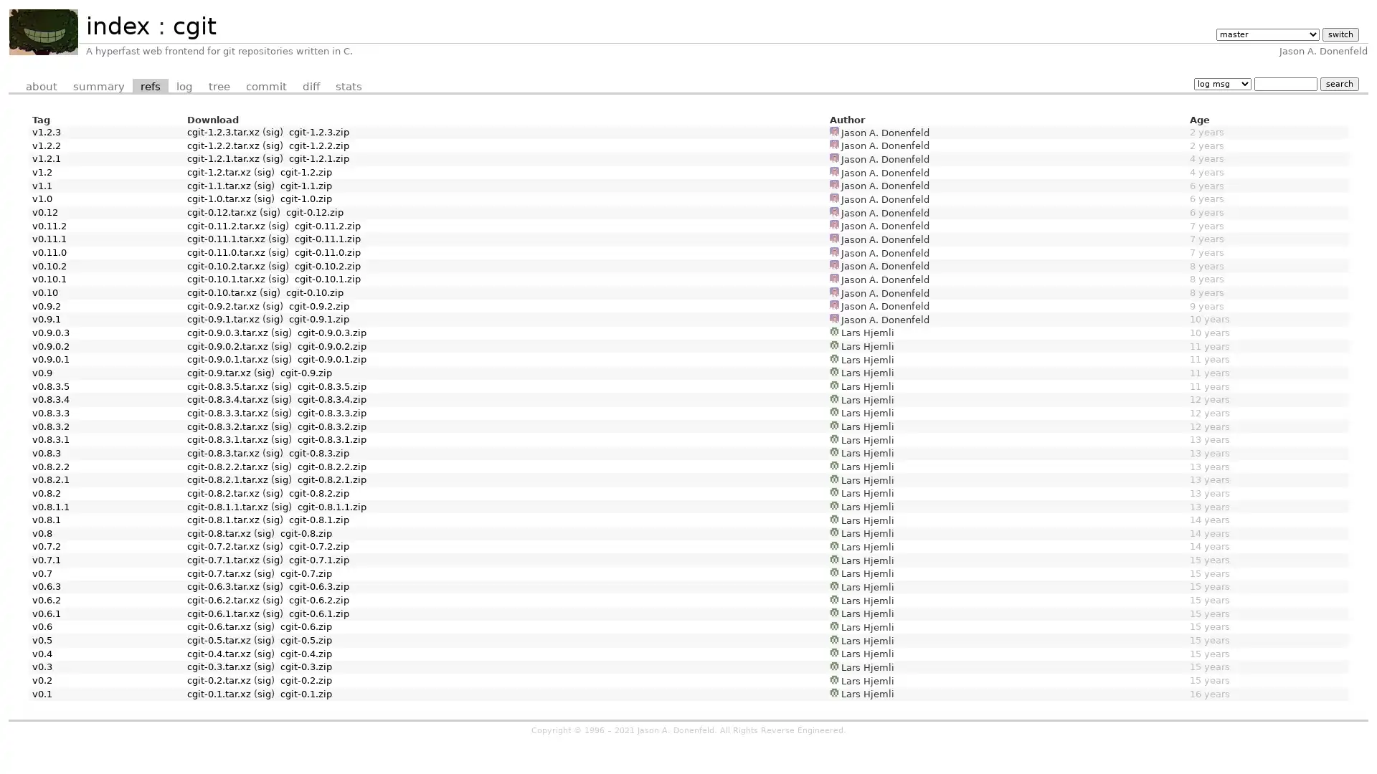 The height and width of the screenshot is (774, 1377). What do you see at coordinates (1338, 83) in the screenshot?
I see `search` at bounding box center [1338, 83].